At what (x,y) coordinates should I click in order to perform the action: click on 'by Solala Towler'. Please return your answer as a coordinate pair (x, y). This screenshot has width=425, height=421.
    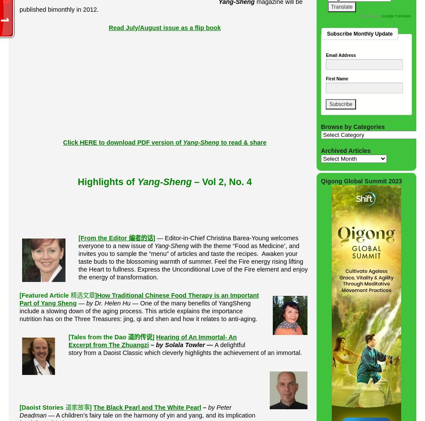
    Looking at the image, I should click on (180, 345).